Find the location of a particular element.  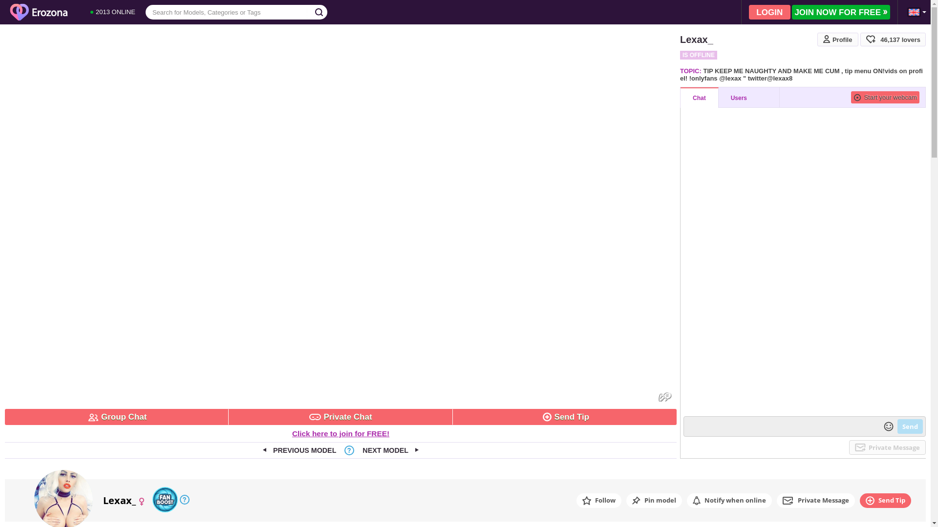

'PREVIOUS MODEL' is located at coordinates (299, 450).